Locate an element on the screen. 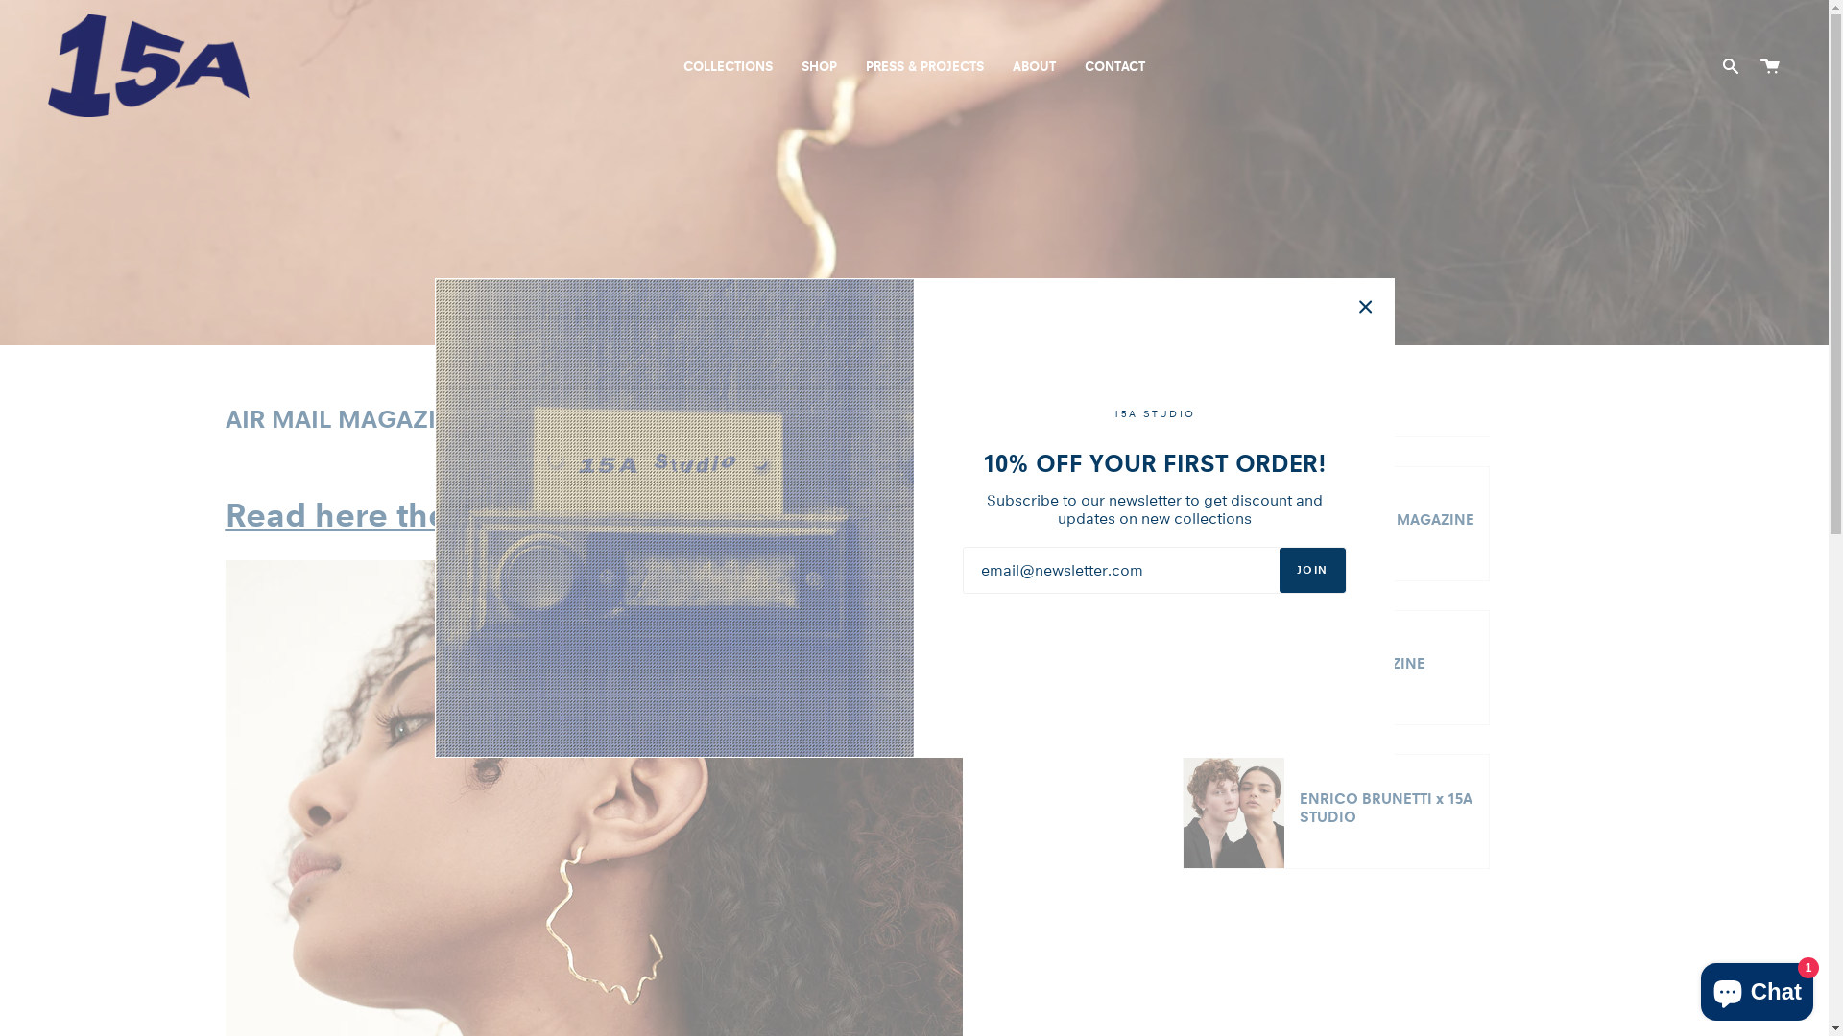  'Search' is located at coordinates (1731, 64).